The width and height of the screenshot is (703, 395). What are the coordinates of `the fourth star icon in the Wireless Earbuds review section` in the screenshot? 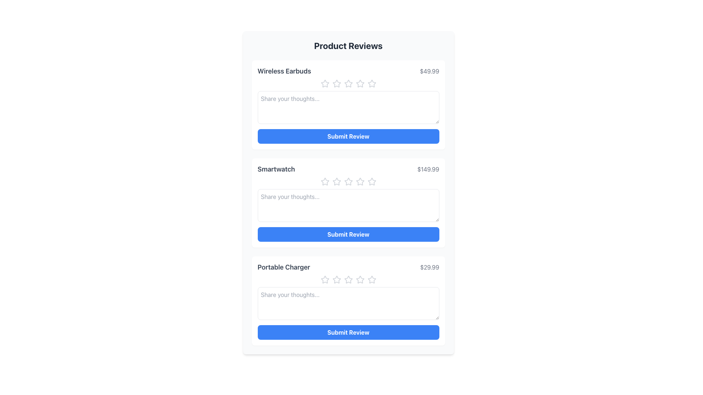 It's located at (372, 83).